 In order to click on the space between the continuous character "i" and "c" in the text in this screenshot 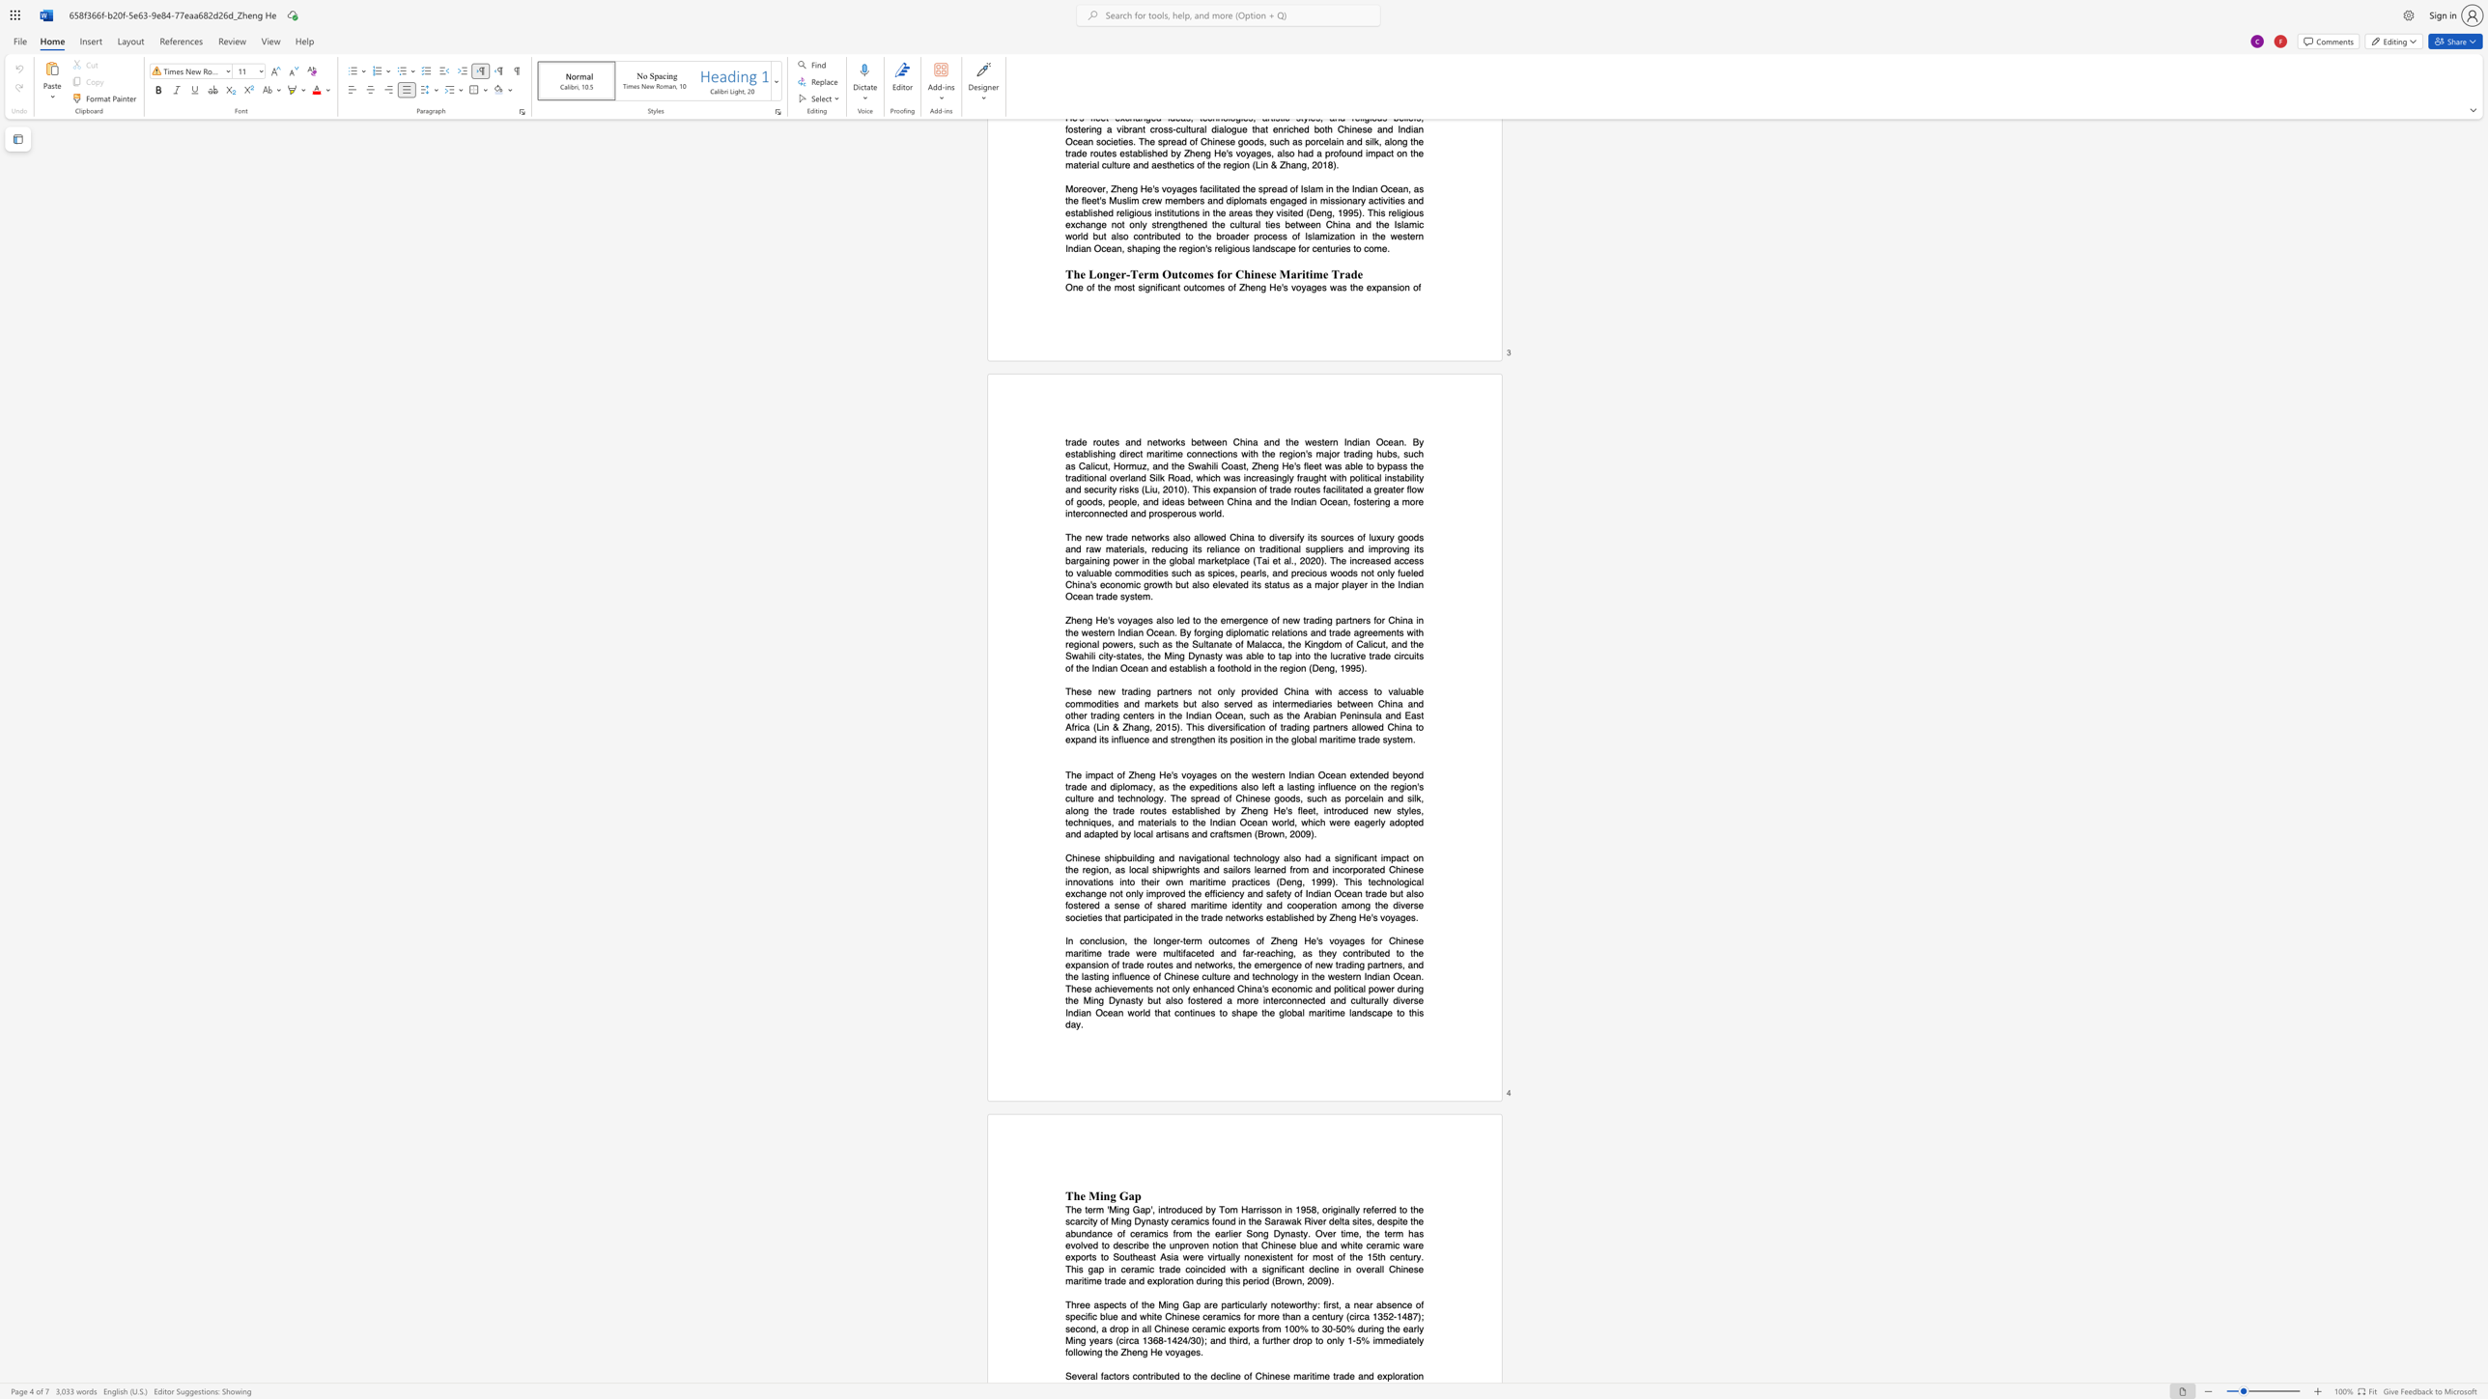, I will do `click(1143, 916)`.